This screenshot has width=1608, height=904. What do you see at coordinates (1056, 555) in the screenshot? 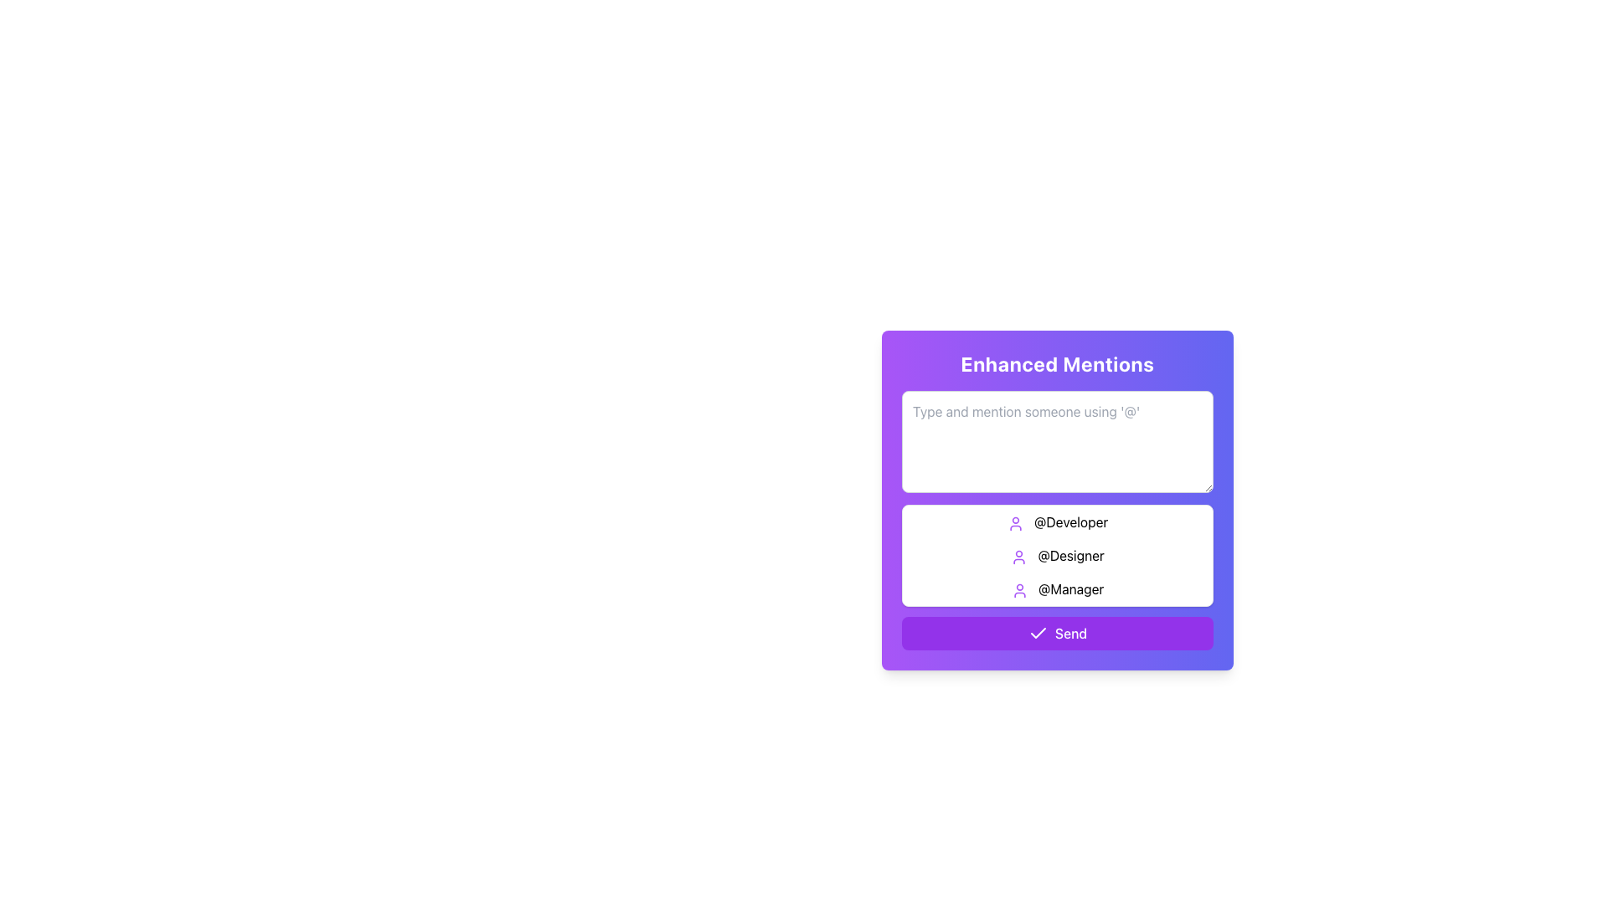
I see `the '@Designer' option in the dropdown list, which is the second item in a list of three options located in the dropdown selection box` at bounding box center [1056, 555].